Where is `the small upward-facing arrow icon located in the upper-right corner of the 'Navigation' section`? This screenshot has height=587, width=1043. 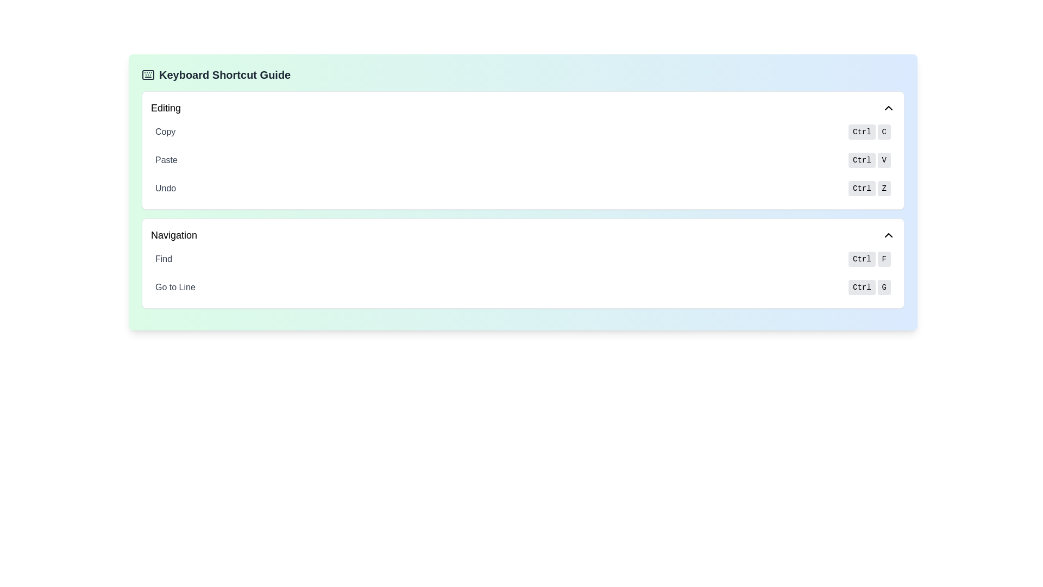
the small upward-facing arrow icon located in the upper-right corner of the 'Navigation' section is located at coordinates (889, 234).